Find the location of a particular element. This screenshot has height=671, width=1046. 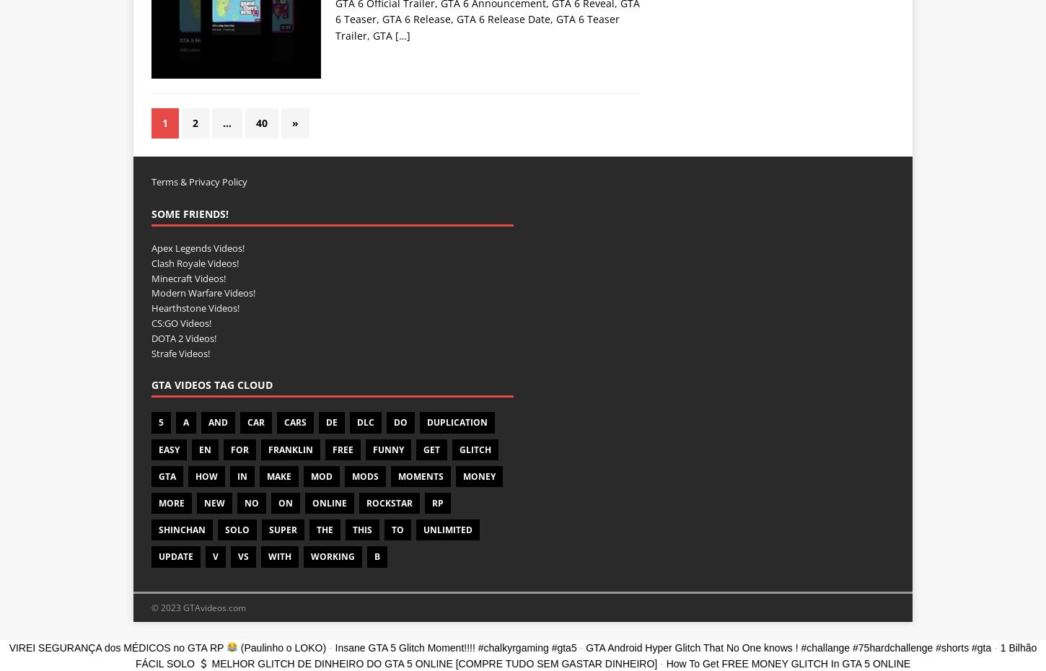

'MONEY' is located at coordinates (478, 475).